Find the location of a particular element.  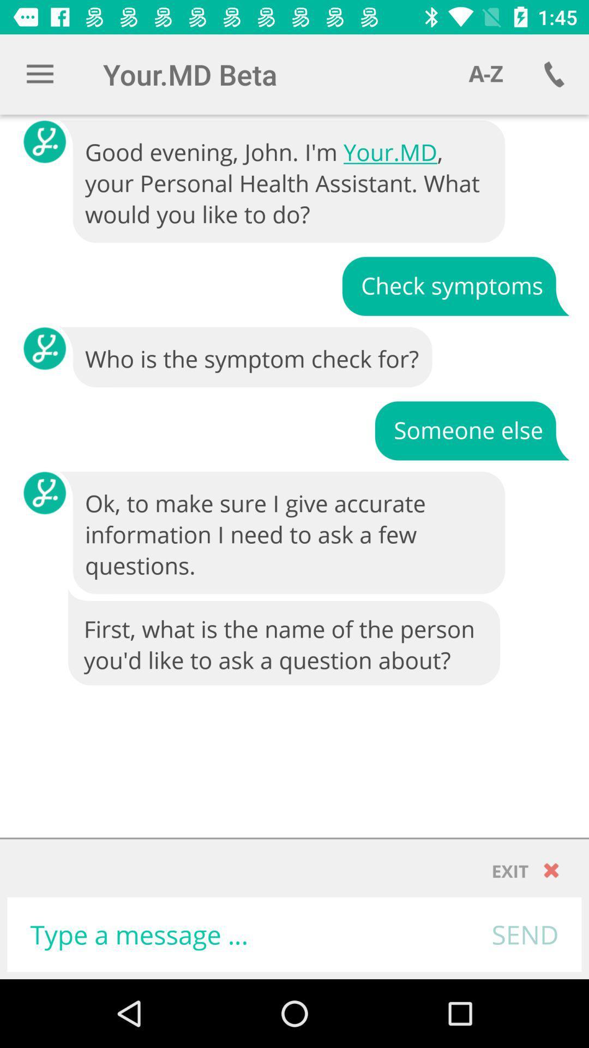

check symptoms item is located at coordinates (455, 285).